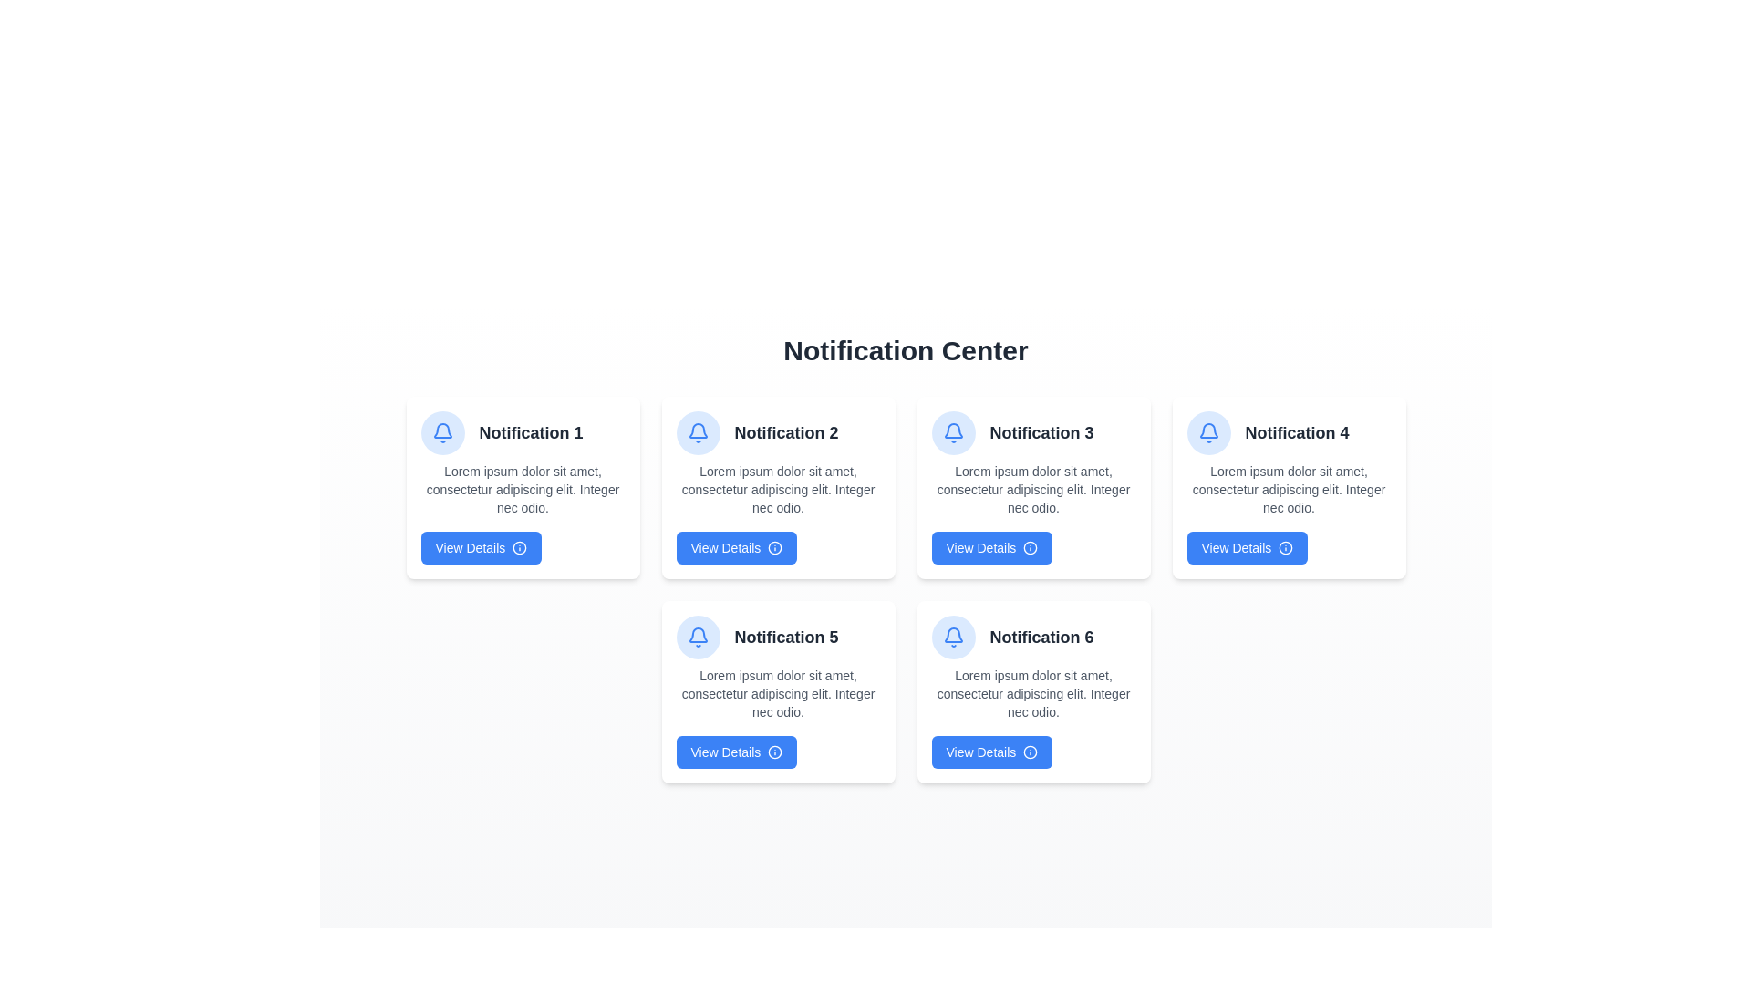 The image size is (1751, 985). What do you see at coordinates (778, 432) in the screenshot?
I see `the text label displaying 'Notification 2' with a bold font and dark color, located in the second notification box of a grid, directly above a description and a 'View Details' button` at bounding box center [778, 432].